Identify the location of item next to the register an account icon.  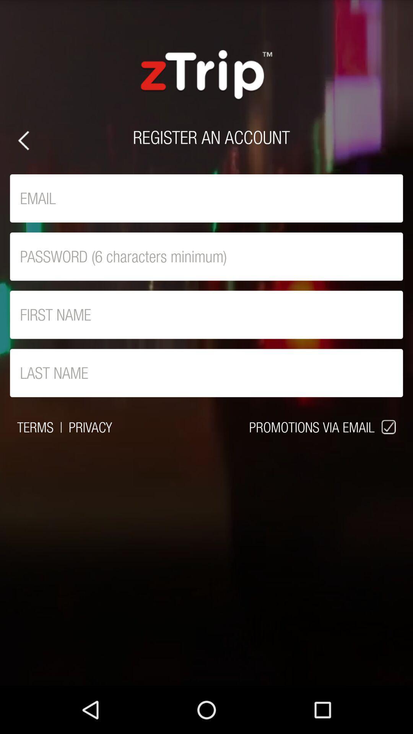
(23, 140).